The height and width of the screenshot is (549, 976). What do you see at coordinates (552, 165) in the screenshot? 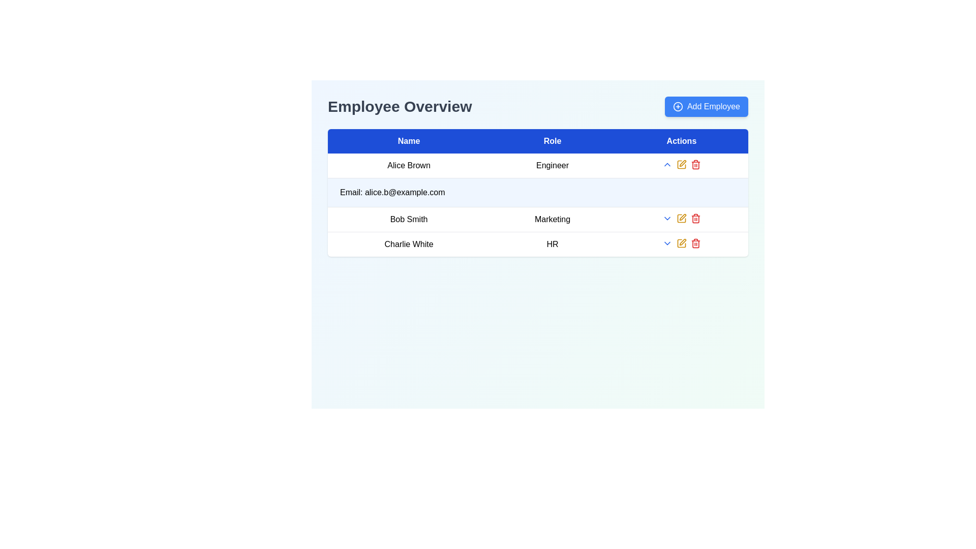
I see `the text label displaying 'Engineer' in the Role column, positioned in the table row associated with 'Alice Brown'` at bounding box center [552, 165].